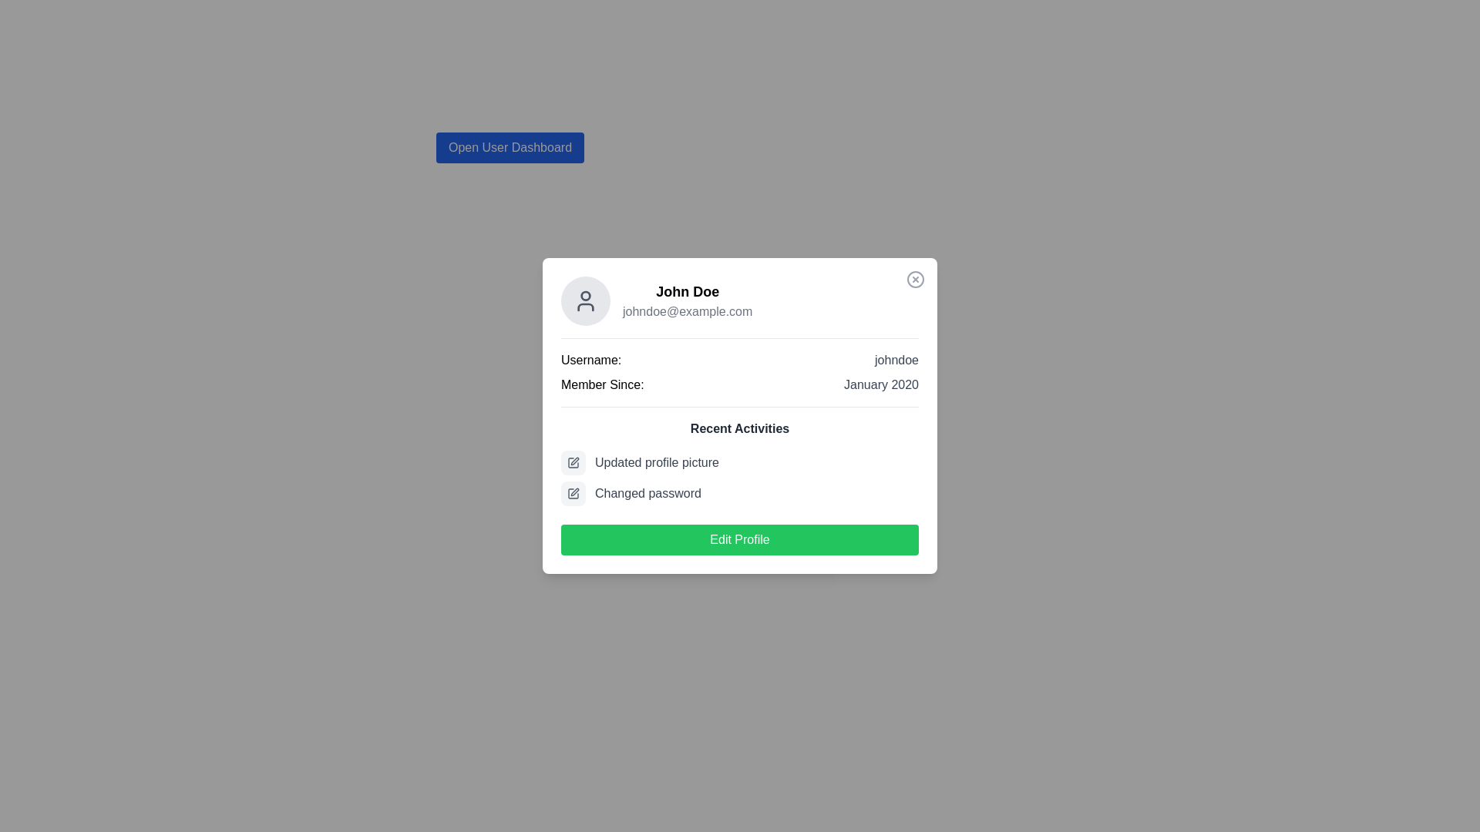  What do you see at coordinates (573, 462) in the screenshot?
I see `the edit action icon representing the 'Updated profile picture' in the Recent Activities section of the user profile card` at bounding box center [573, 462].